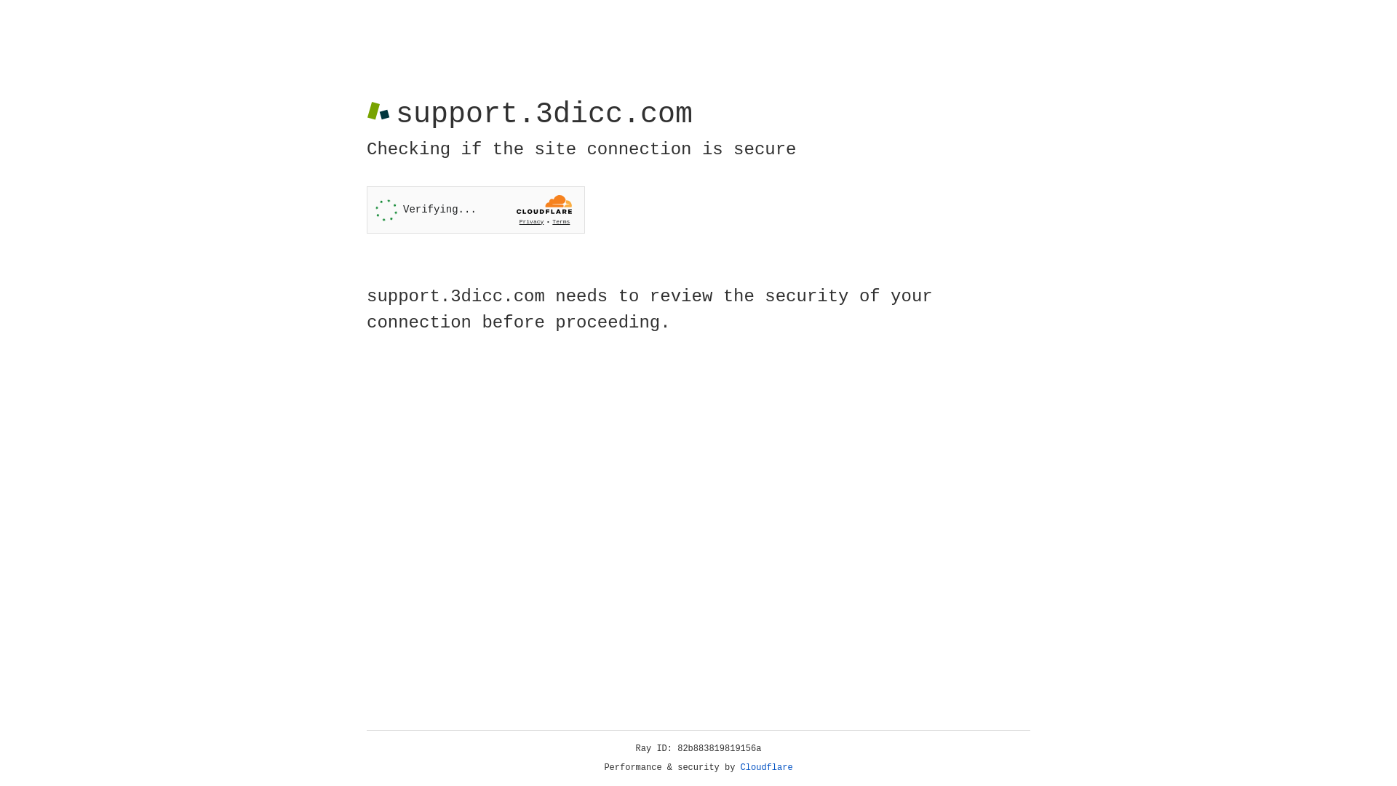 Image resolution: width=1397 pixels, height=786 pixels. Describe the element at coordinates (475, 210) in the screenshot. I see `'Widget containing a Cloudflare security challenge'` at that location.